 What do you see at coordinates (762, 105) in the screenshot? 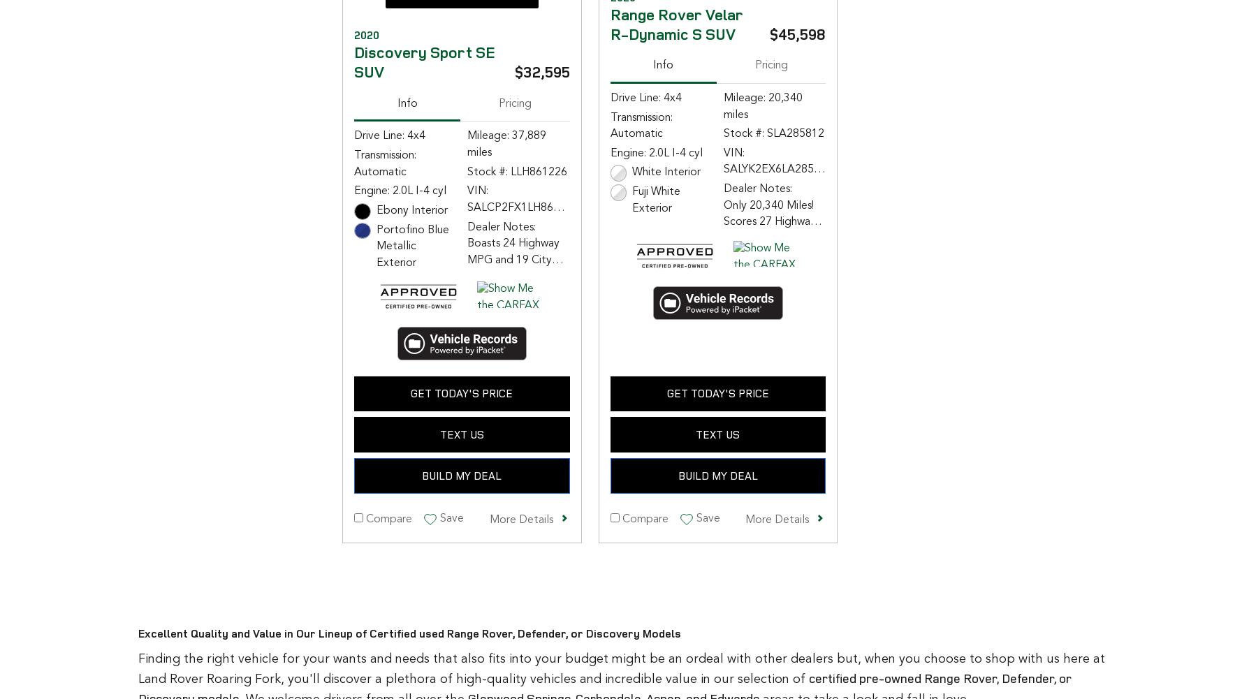
I see `'Mileage: 20,340 miles'` at bounding box center [762, 105].